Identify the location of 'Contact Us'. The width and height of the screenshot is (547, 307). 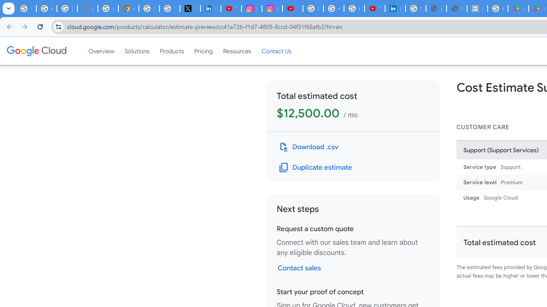
(276, 51).